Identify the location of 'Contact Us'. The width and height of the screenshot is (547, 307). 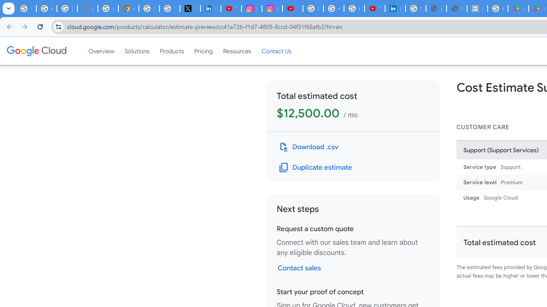
(276, 51).